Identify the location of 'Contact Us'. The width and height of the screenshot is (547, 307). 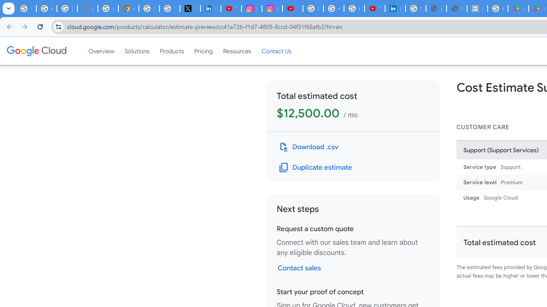
(276, 51).